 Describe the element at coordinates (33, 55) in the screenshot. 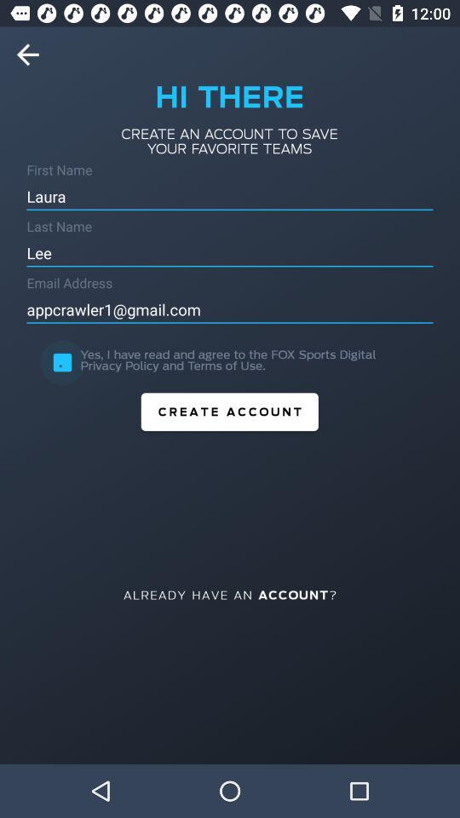

I see `the arrow_backward icon` at that location.